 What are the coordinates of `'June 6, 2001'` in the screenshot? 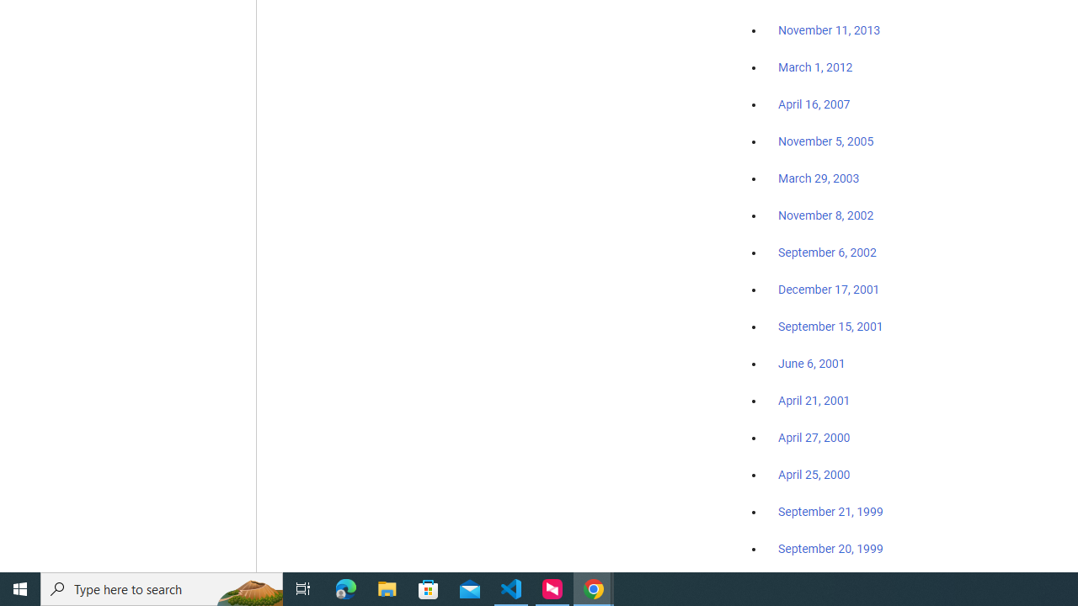 It's located at (811, 363).